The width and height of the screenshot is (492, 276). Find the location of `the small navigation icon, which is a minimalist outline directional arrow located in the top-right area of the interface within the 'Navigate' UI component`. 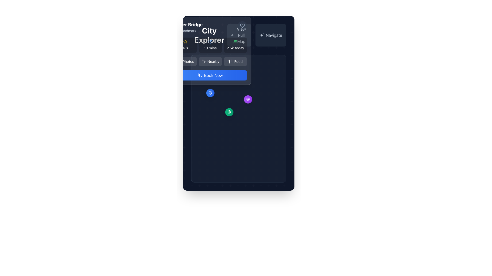

the small navigation icon, which is a minimalist outline directional arrow located in the top-right area of the interface within the 'Navigate' UI component is located at coordinates (262, 35).